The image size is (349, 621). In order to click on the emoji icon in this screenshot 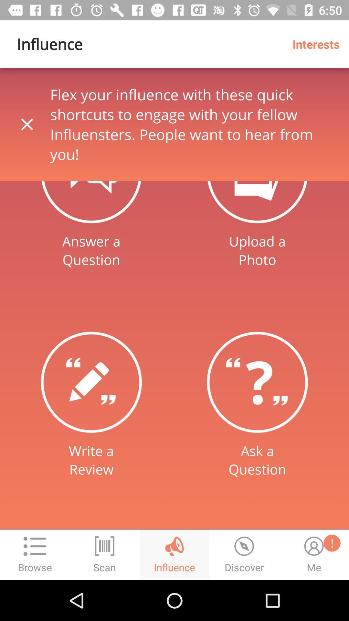, I will do `click(314, 555)`.